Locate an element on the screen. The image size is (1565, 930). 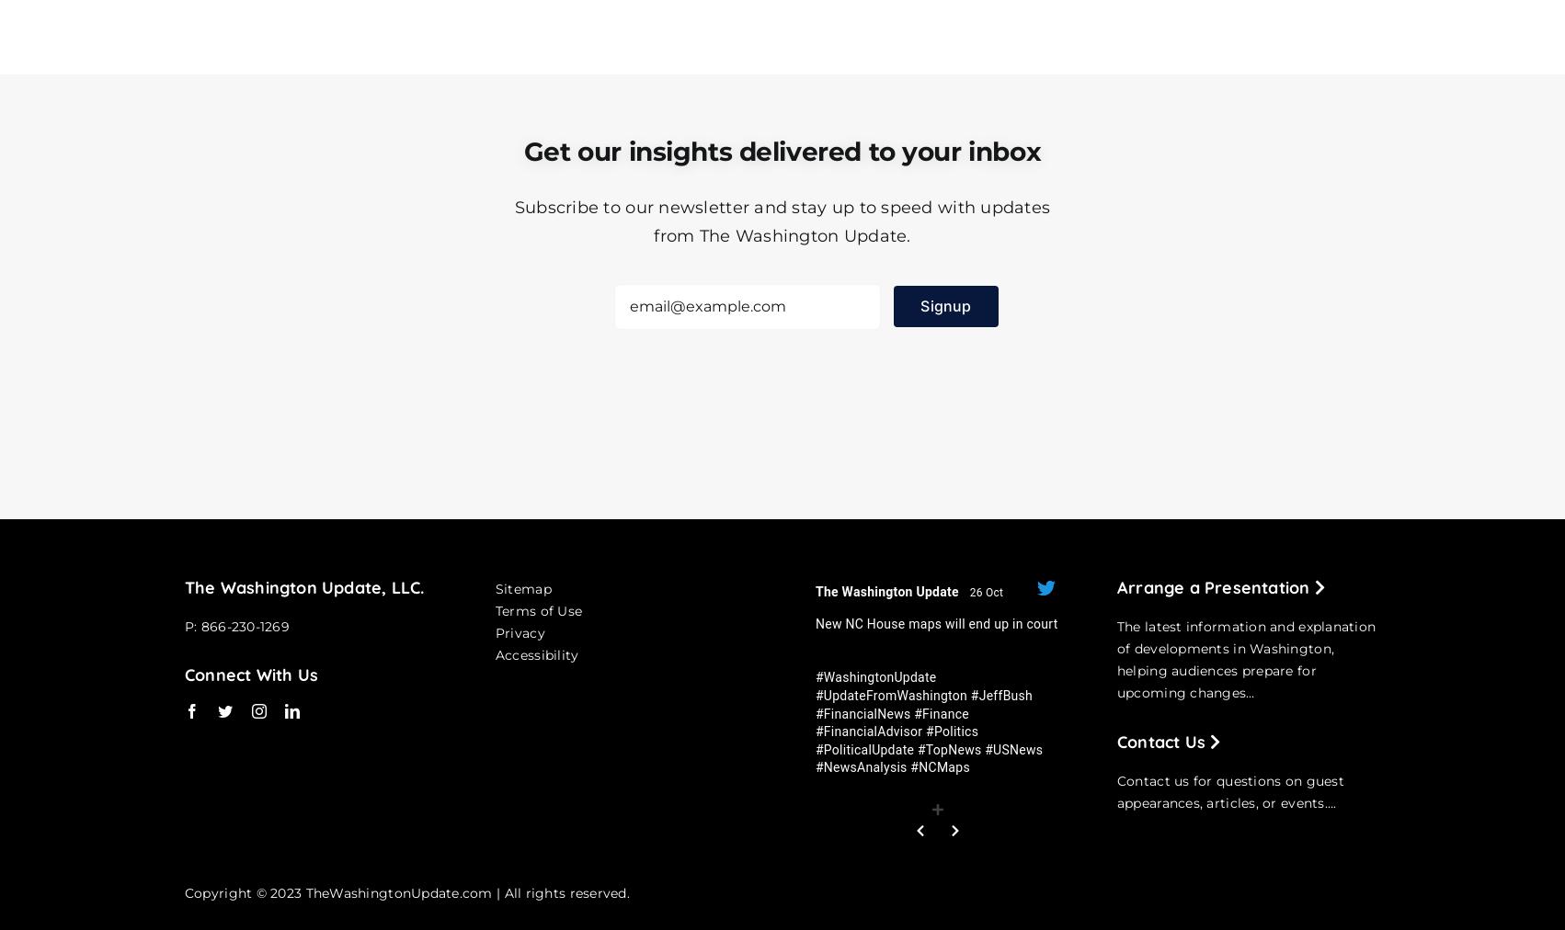
'Copyright ©  2023 TheWashingtonUpdate.com | All rights reserved.' is located at coordinates (406, 891).